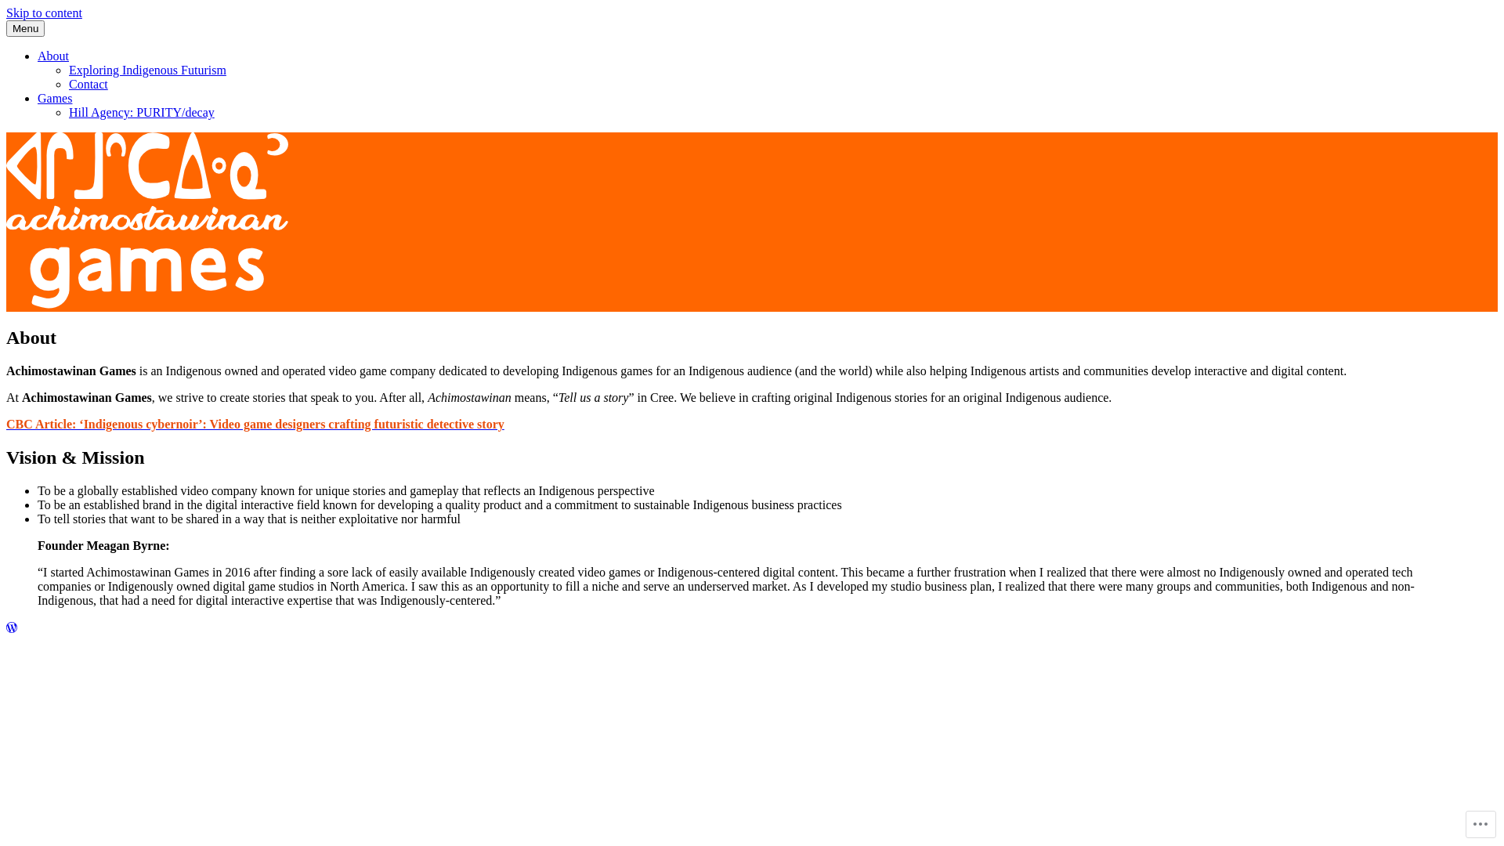 The height and width of the screenshot is (846, 1504). I want to click on 'Exploring Indigenous Futurism', so click(147, 69).